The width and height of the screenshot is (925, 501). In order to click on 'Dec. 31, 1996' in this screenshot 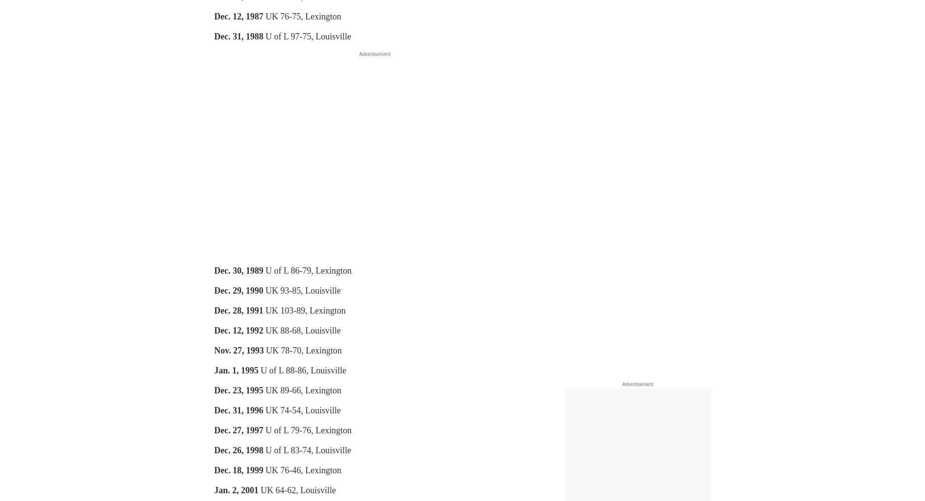, I will do `click(239, 409)`.